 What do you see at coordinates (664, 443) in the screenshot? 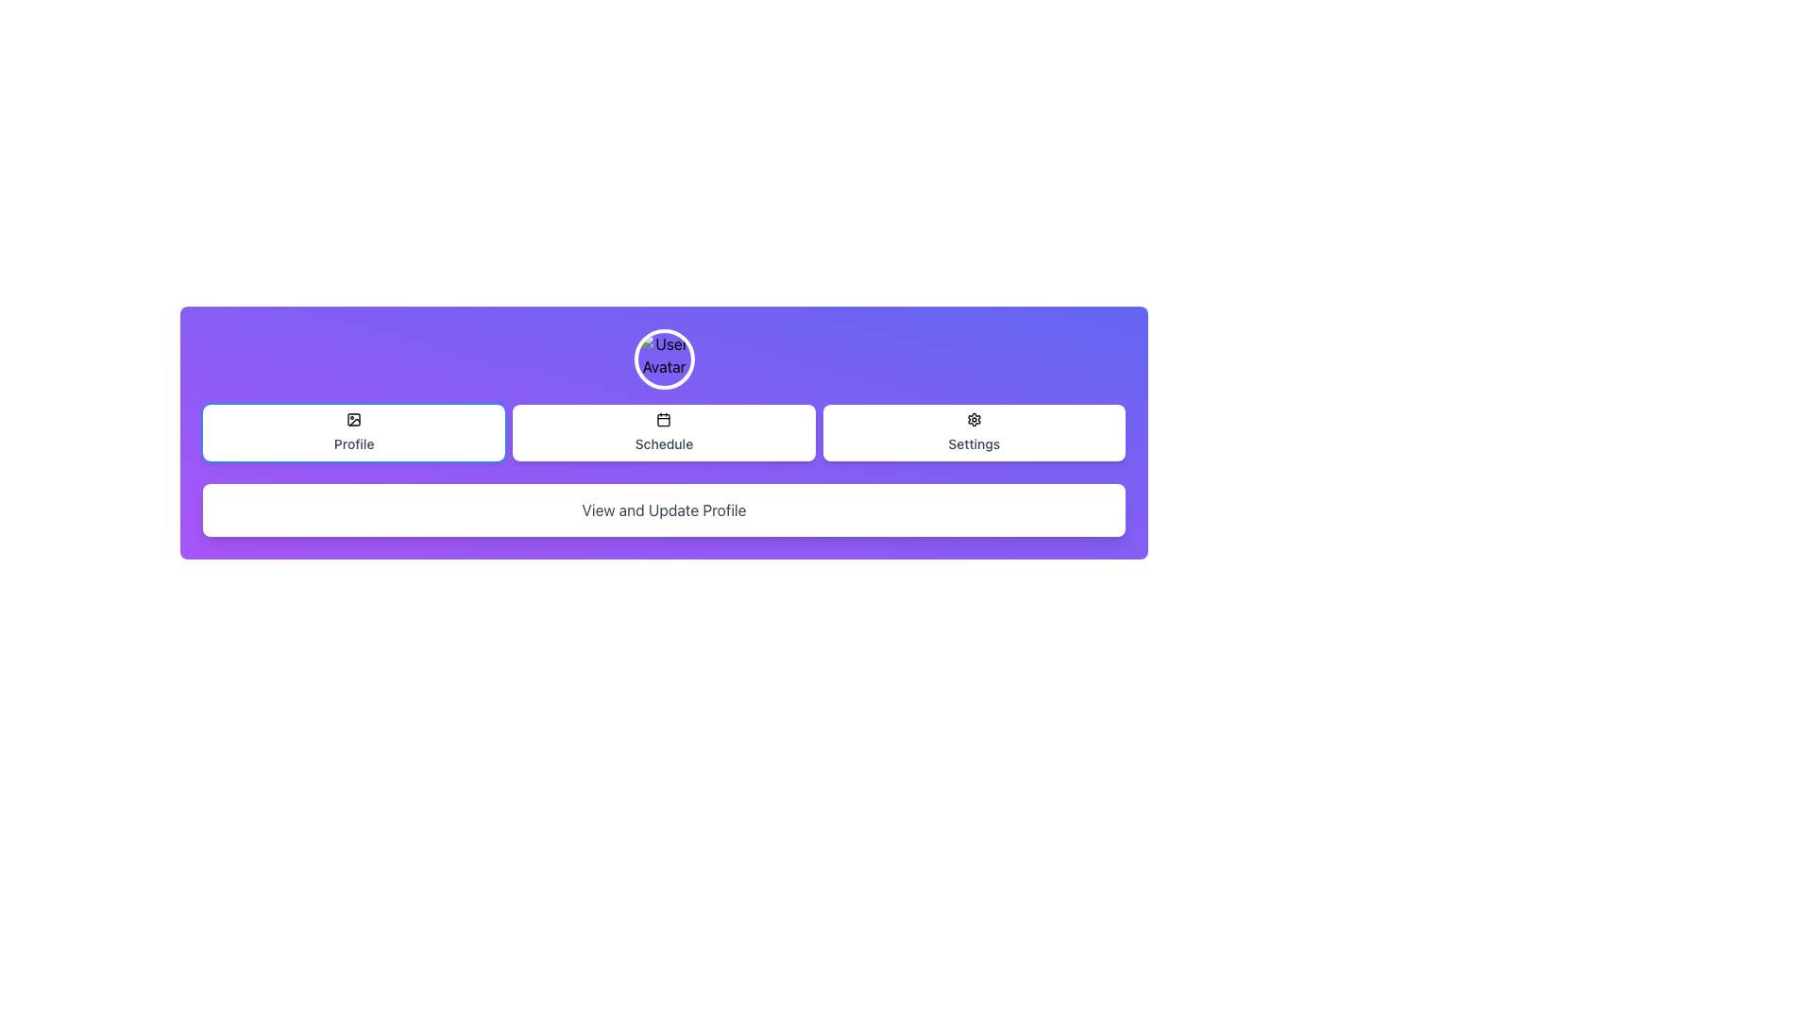
I see `the text label reading 'Schedule' which is styled with a small font size and medium font weight, located centrally within a card-like component` at bounding box center [664, 443].